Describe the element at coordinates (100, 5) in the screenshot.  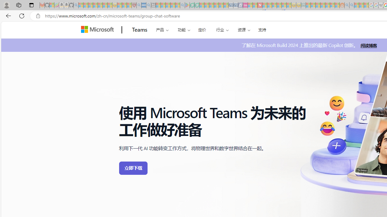
I see `'New Report Confirms 2023 Was Record Hot | Watch - Sleeping'` at that location.